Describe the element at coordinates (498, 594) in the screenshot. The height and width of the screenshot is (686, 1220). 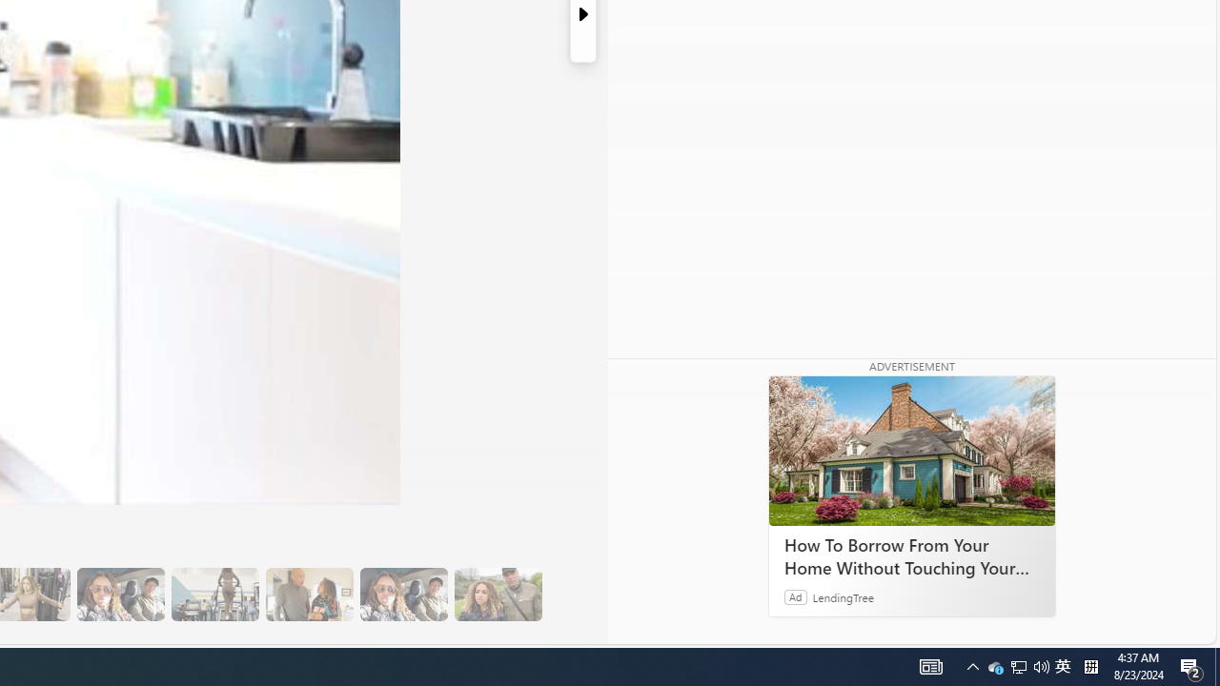
I see `'20 Overall, It Will Improve Your Health'` at that location.